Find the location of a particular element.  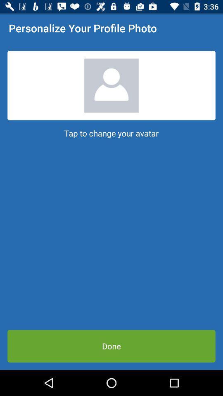

change profile photo is located at coordinates (111, 85).